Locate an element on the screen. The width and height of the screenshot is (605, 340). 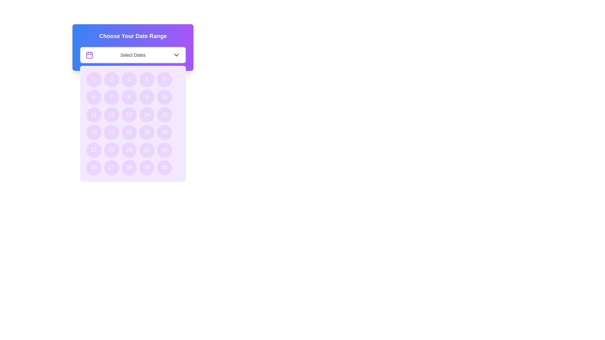
the 20th button in the date selector grid is located at coordinates (164, 132).